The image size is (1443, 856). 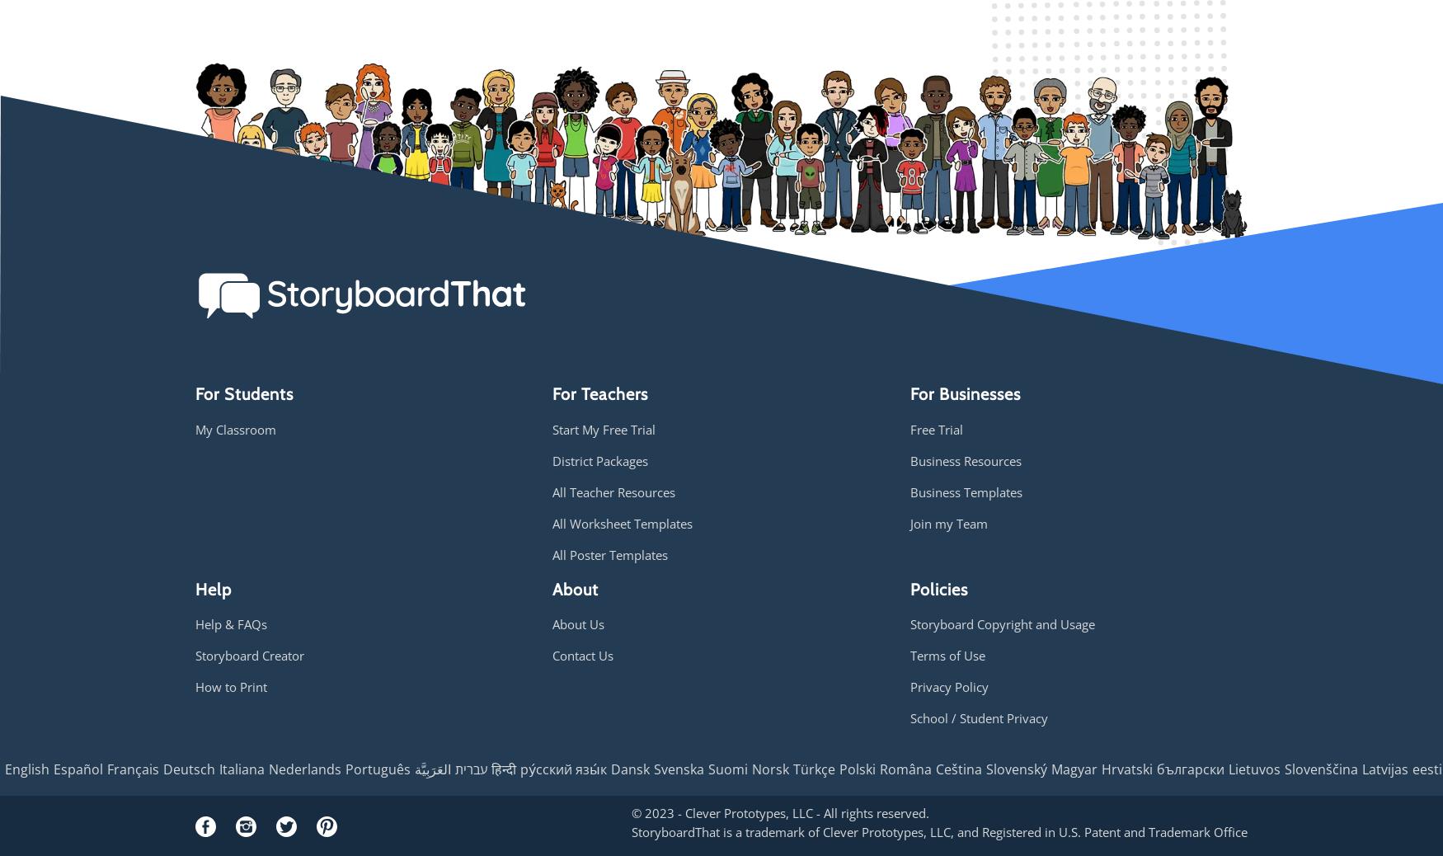 I want to click on '© 2023 - Clever Prototypes, LLC - All rights reserved.', so click(x=780, y=812).